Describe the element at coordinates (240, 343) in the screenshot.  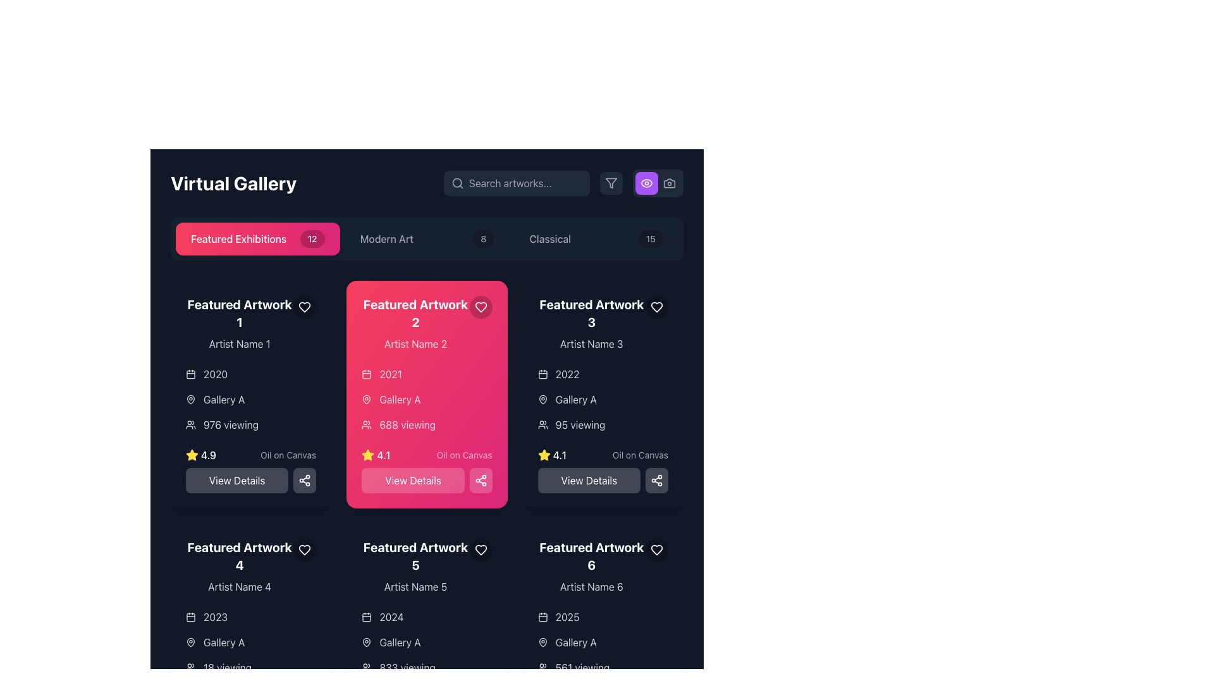
I see `the text label displaying the name of the artist associated with 'Featured Artwork 1', located beneath the heading in the leftmost column` at that location.